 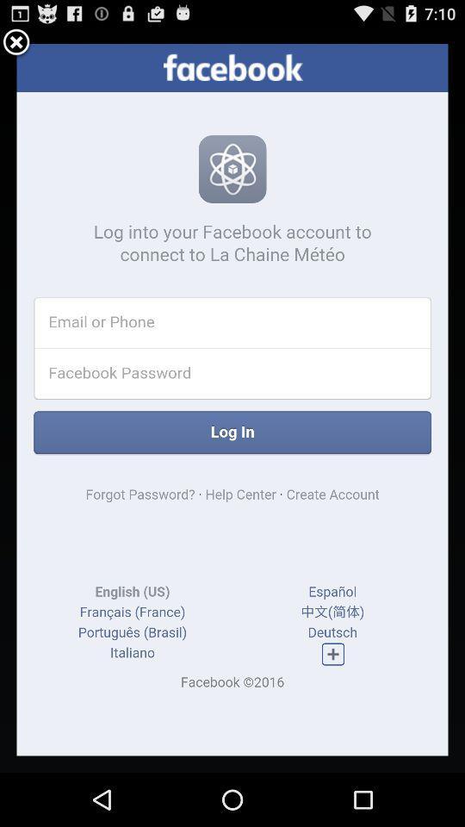 What do you see at coordinates (15, 42) in the screenshot?
I see `cloess button` at bounding box center [15, 42].